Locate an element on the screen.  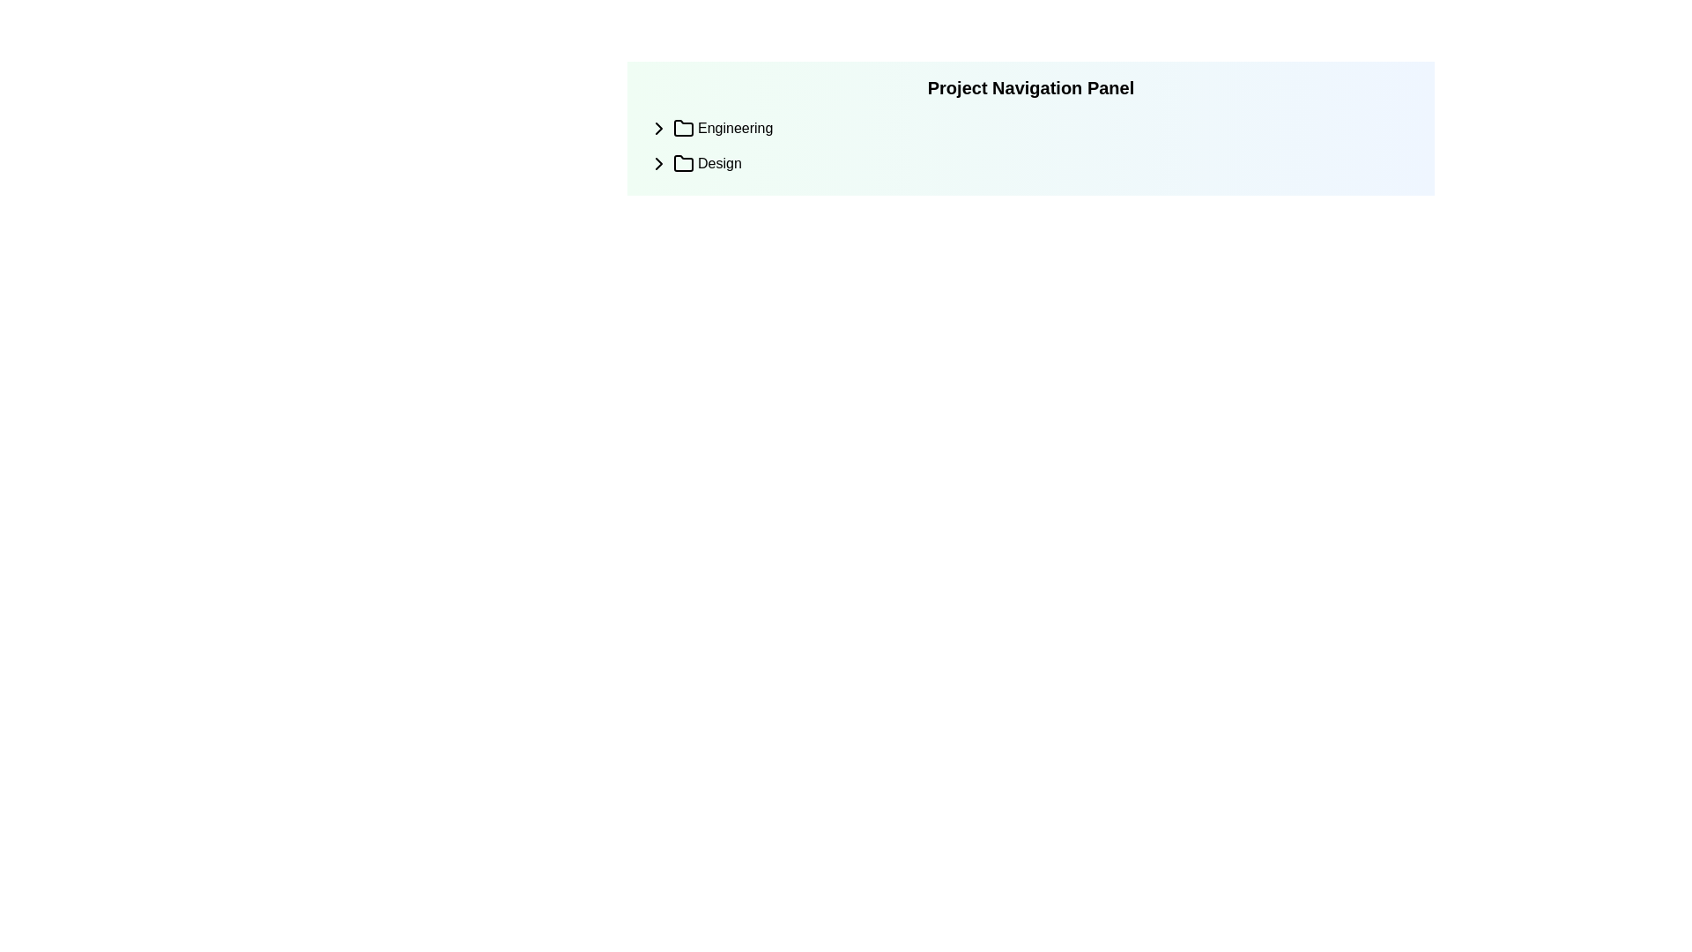
the expandable/collapsible icon located to the left of the folder symbol and the text 'Engineering' is located at coordinates (658, 128).